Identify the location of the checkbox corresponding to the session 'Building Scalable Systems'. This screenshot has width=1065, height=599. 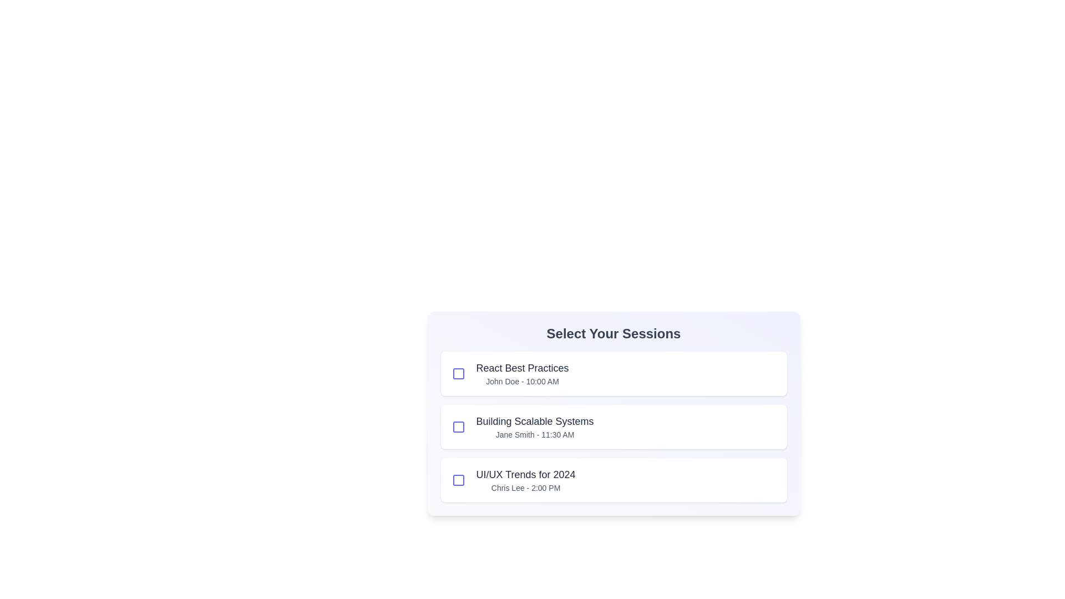
(458, 427).